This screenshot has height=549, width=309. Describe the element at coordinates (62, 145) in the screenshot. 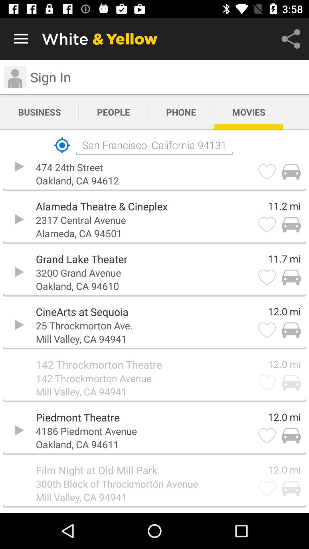

I see `the icon next to the san francisco california` at that location.